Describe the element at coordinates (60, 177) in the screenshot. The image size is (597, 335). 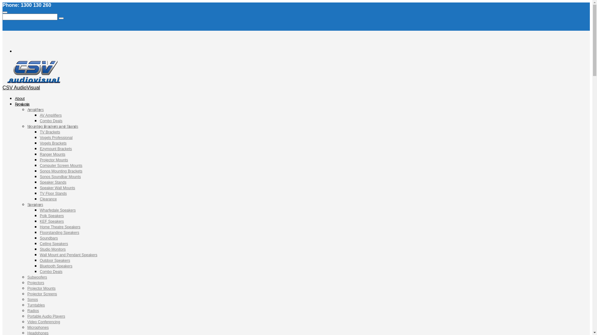
I see `'Sonos Soundbar Mounts'` at that location.